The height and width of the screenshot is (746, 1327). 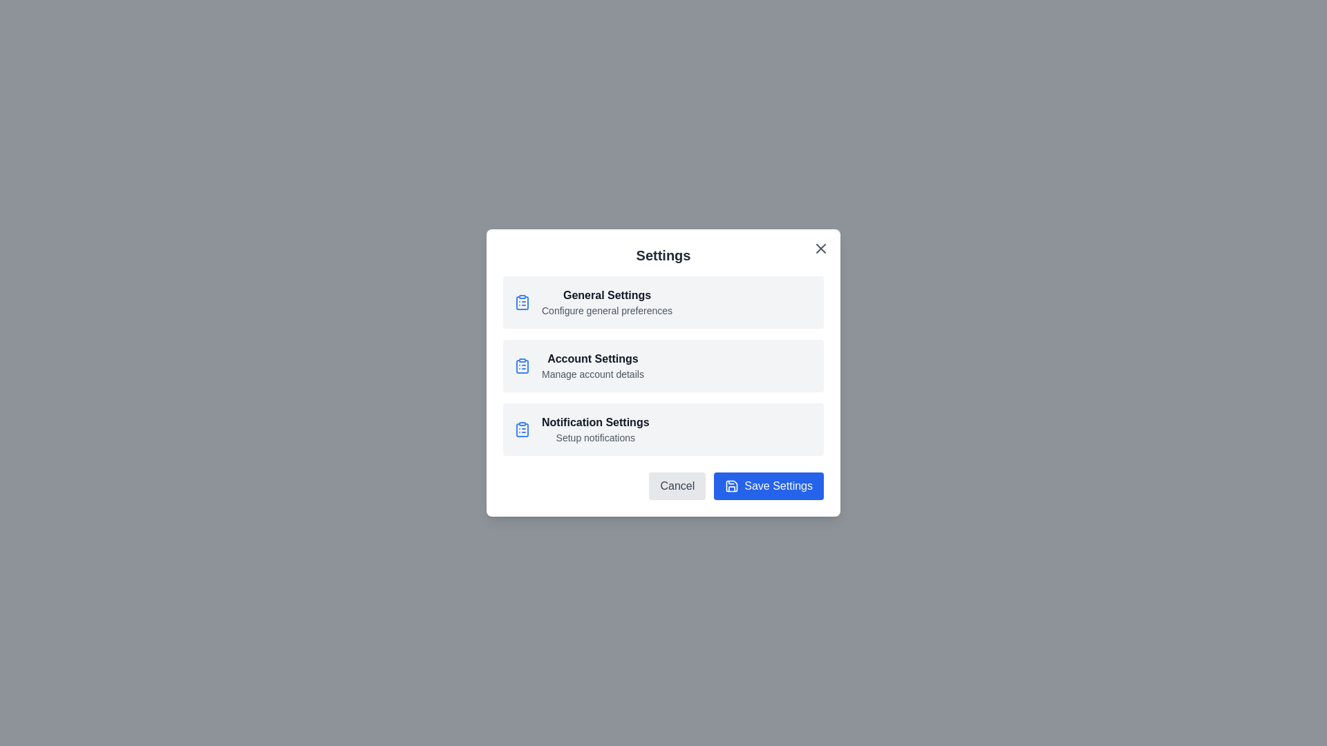 What do you see at coordinates (521, 303) in the screenshot?
I see `the clipboard icon representing the 'General Settings' option` at bounding box center [521, 303].